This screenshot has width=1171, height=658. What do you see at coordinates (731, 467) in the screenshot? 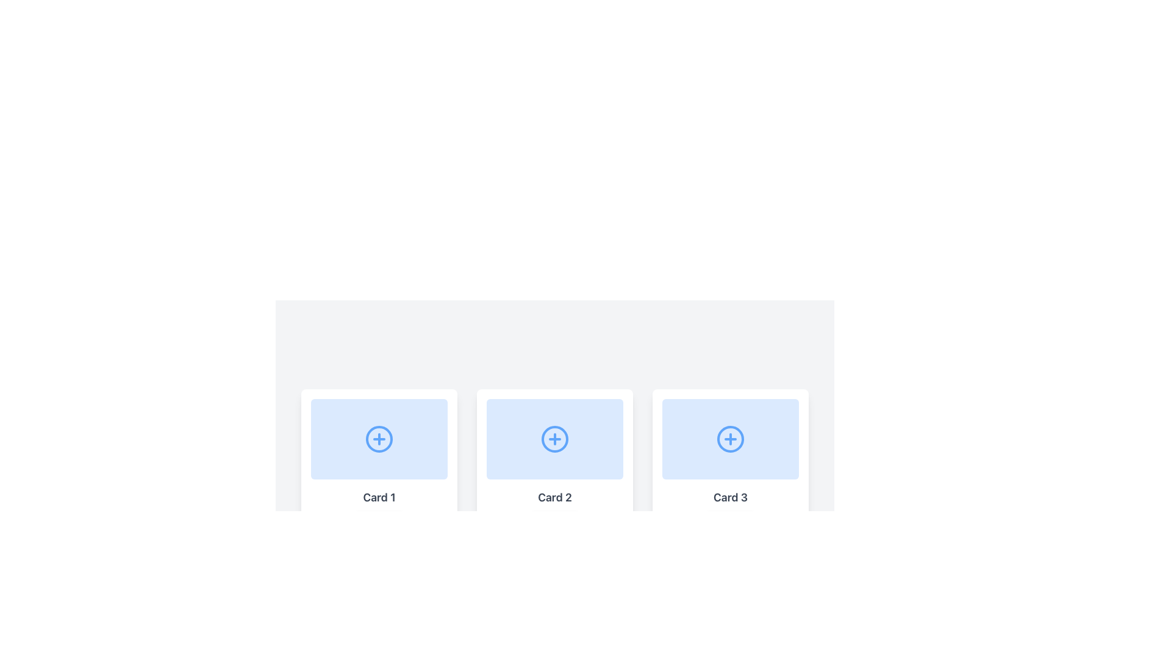
I see `the third card in a horizontal arrangement of six cards to interact with its functionality` at bounding box center [731, 467].